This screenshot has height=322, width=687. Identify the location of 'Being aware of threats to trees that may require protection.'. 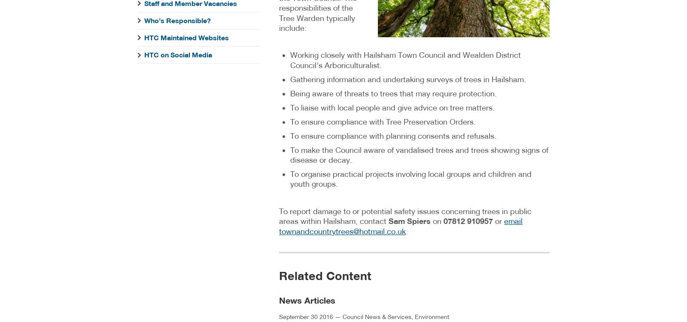
(290, 93).